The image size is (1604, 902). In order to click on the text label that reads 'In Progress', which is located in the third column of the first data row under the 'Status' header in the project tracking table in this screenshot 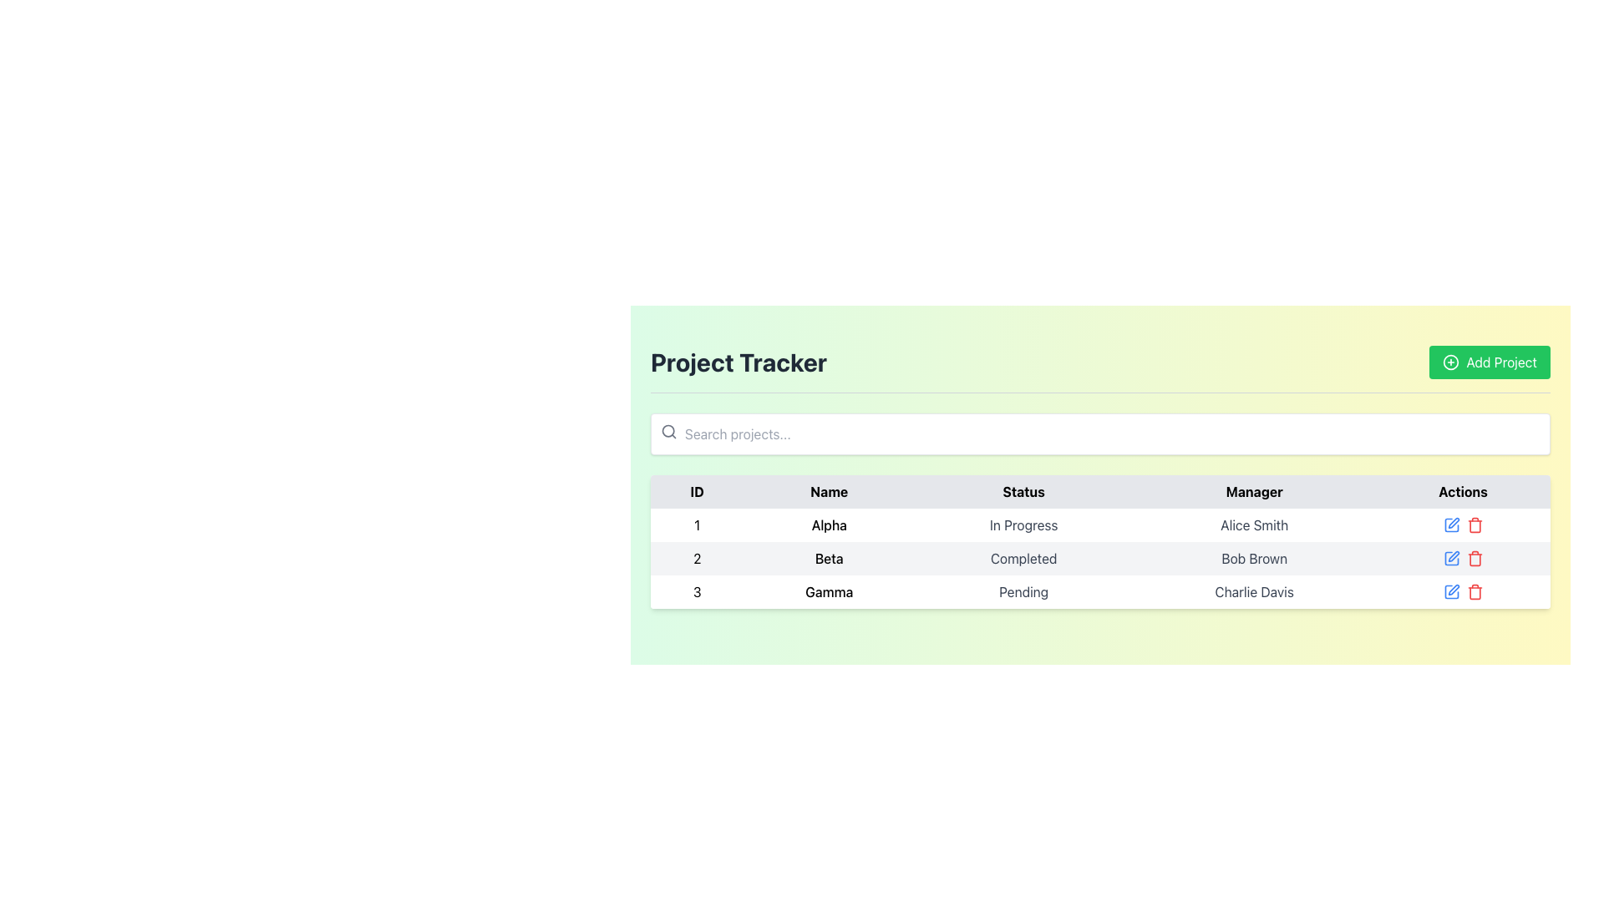, I will do `click(1023, 524)`.